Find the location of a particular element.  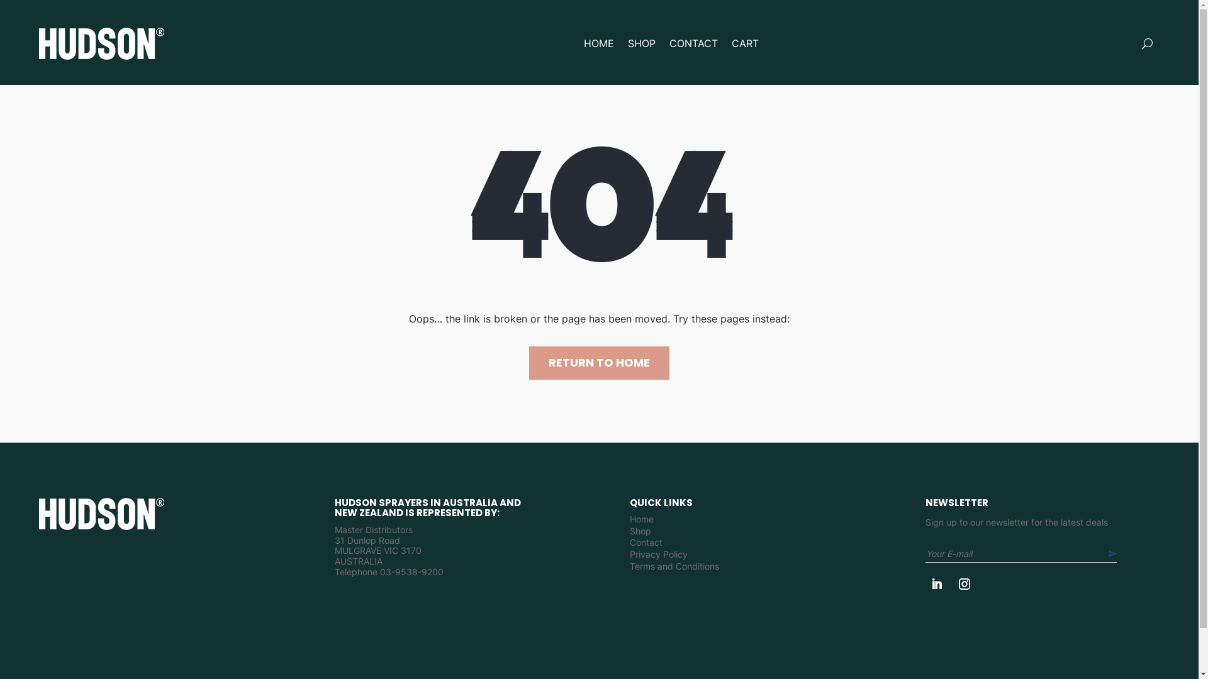

'RETURN TO HOME' is located at coordinates (598, 363).